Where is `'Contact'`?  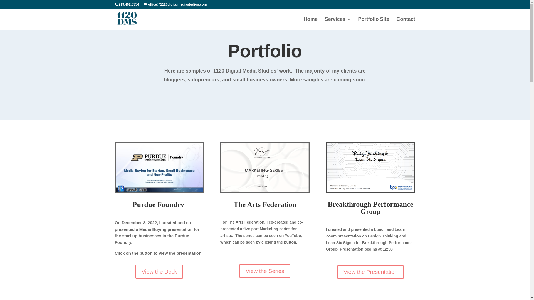
'Contact' is located at coordinates (406, 23).